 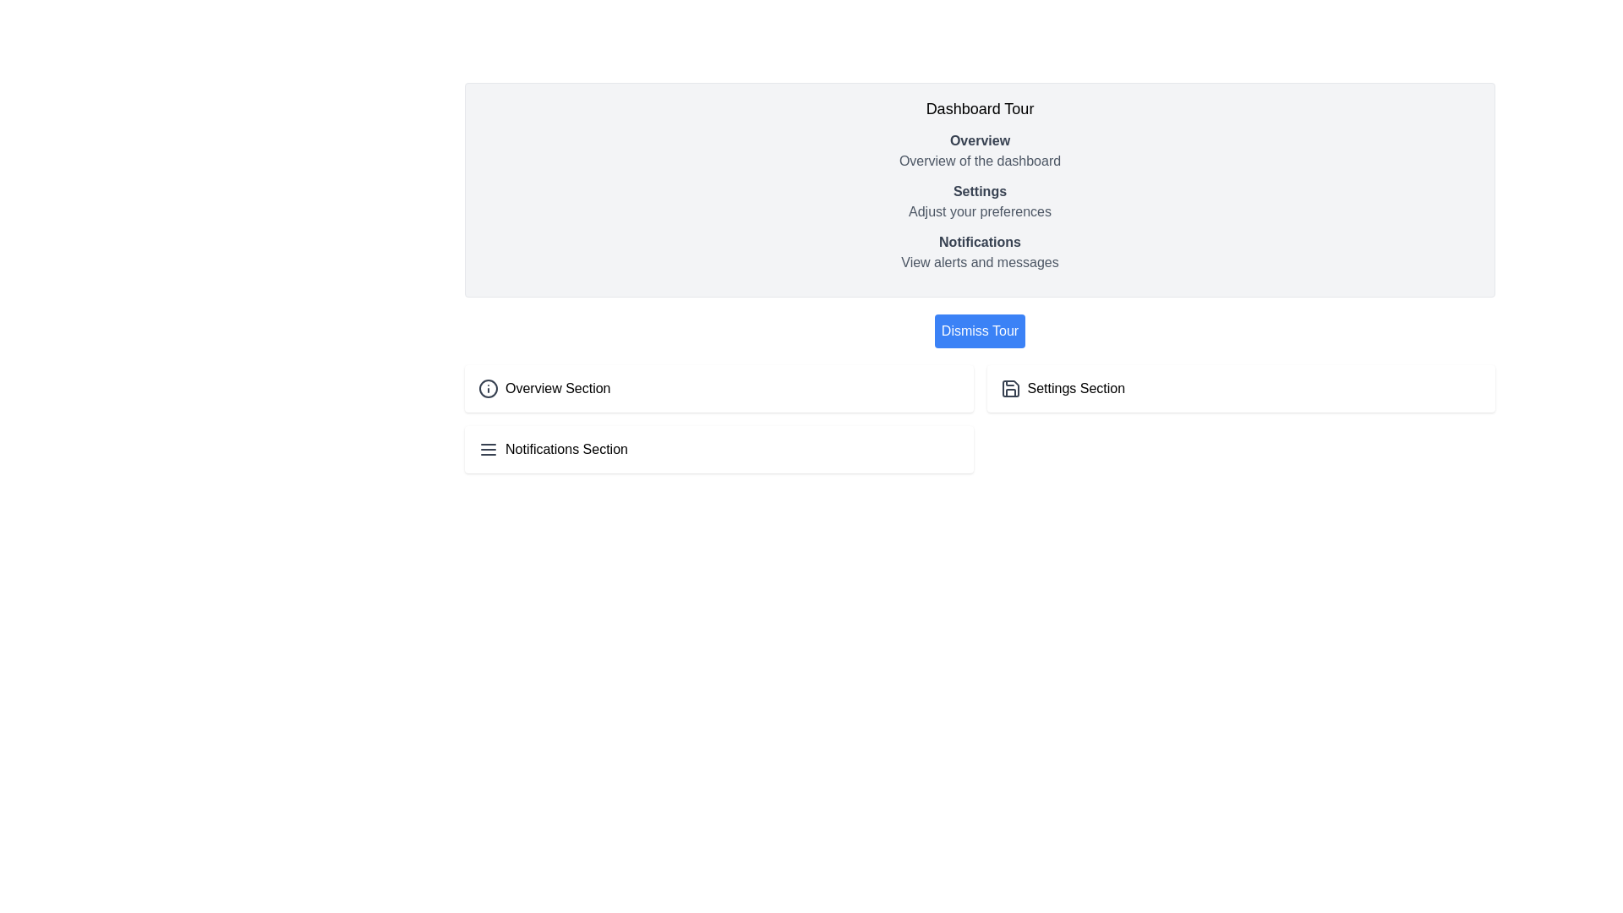 I want to click on the circular icon with a hollow center and a vertical line ending with a dot at the top, located in the 'Overview Section', so click(x=487, y=388).